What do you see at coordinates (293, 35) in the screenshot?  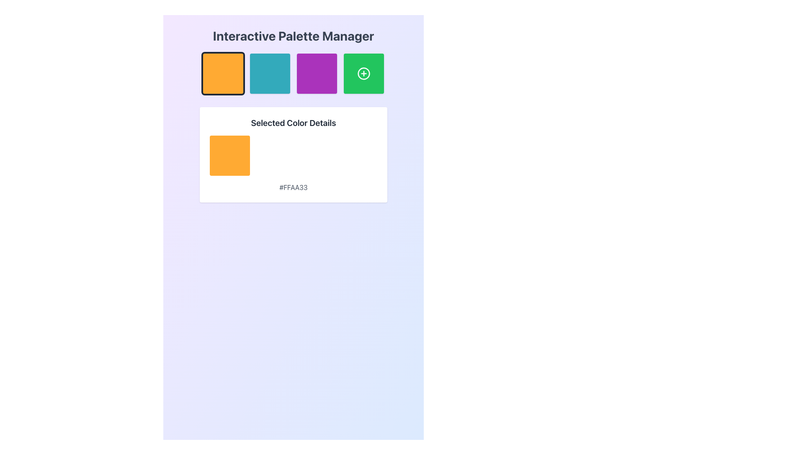 I see `the text label titled 'Interactive Palette Manager', which is styled in bold and large font, located near the top center of the interface` at bounding box center [293, 35].